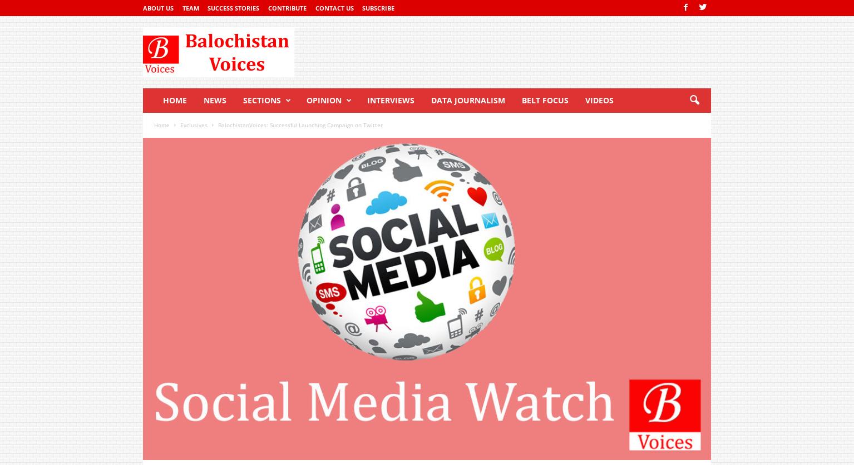  What do you see at coordinates (378, 8) in the screenshot?
I see `'Subscribe'` at bounding box center [378, 8].